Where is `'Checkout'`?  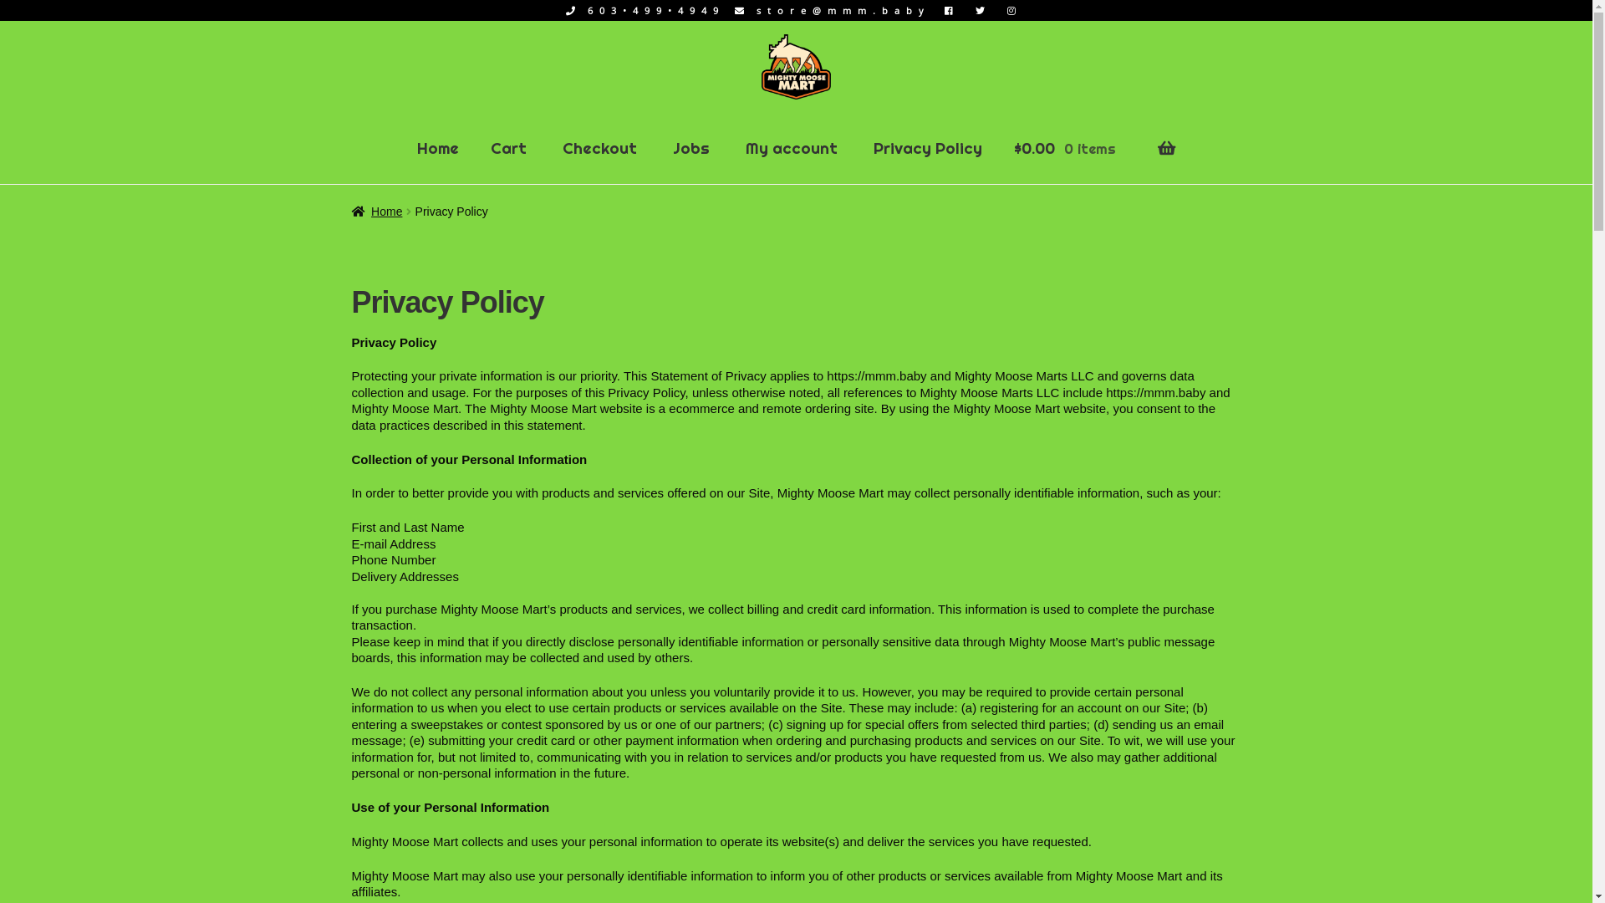 'Checkout' is located at coordinates (599, 147).